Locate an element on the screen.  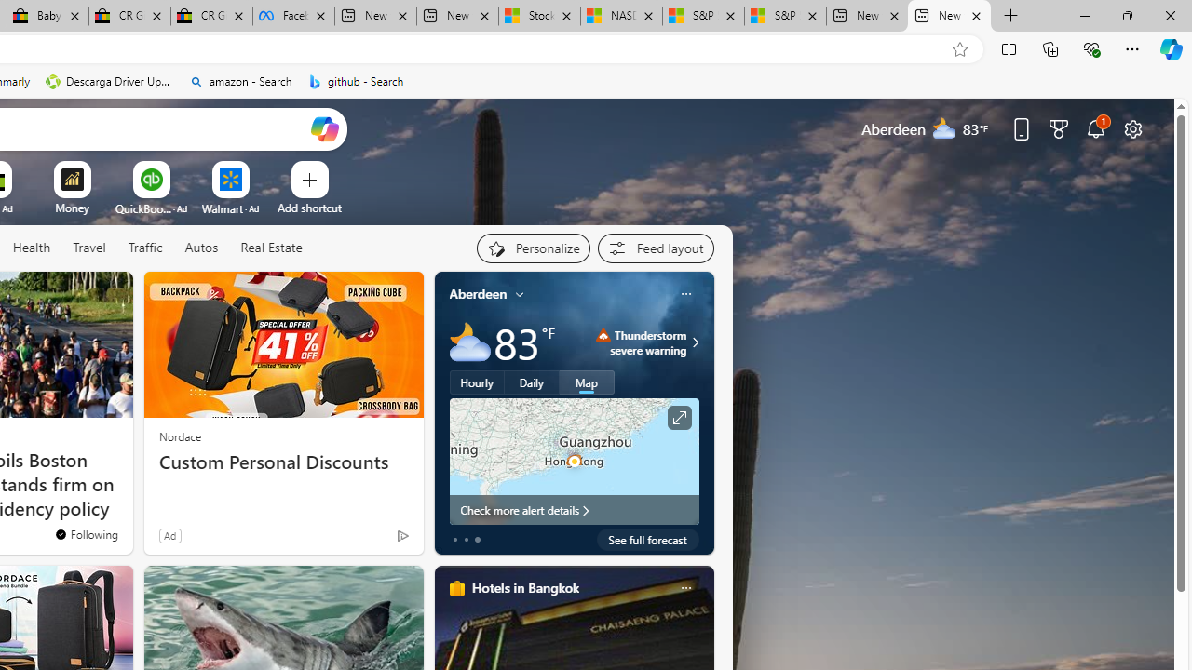
'Custom Personal Discounts' is located at coordinates (282, 462).